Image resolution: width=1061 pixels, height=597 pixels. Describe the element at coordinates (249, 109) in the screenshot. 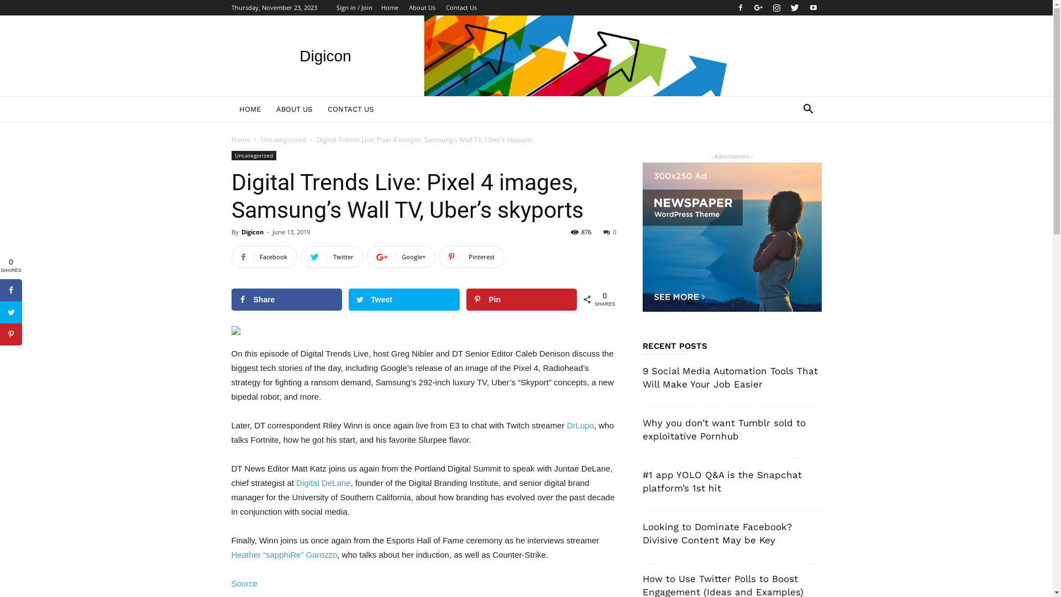

I see `'HOME'` at that location.